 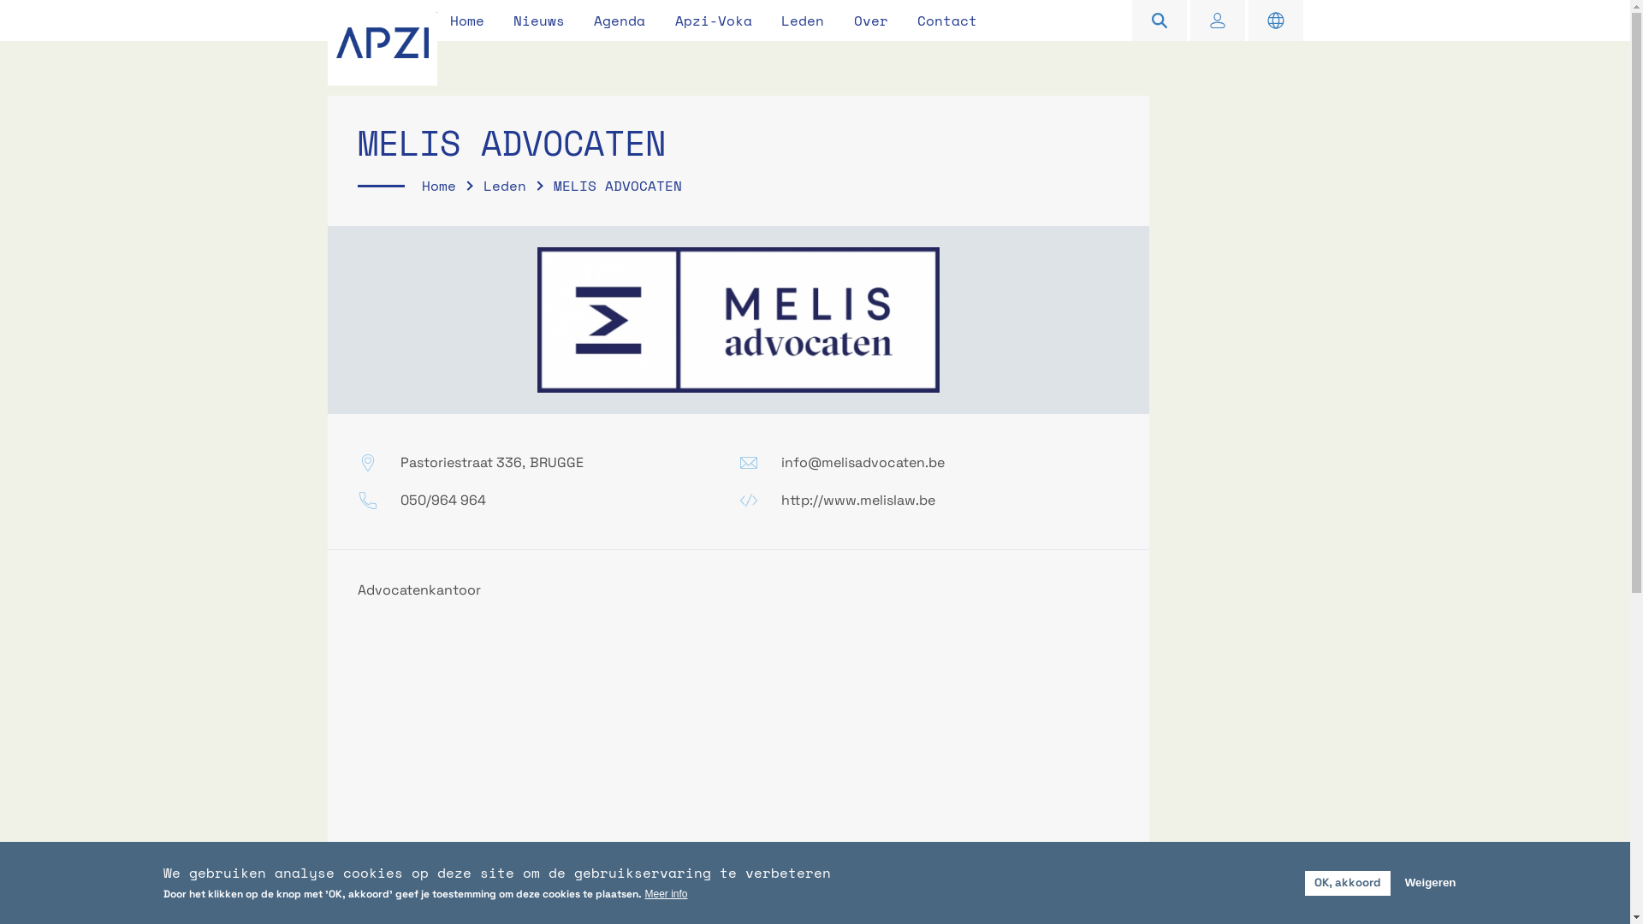 What do you see at coordinates (1158, 20) in the screenshot?
I see `'Zoeken'` at bounding box center [1158, 20].